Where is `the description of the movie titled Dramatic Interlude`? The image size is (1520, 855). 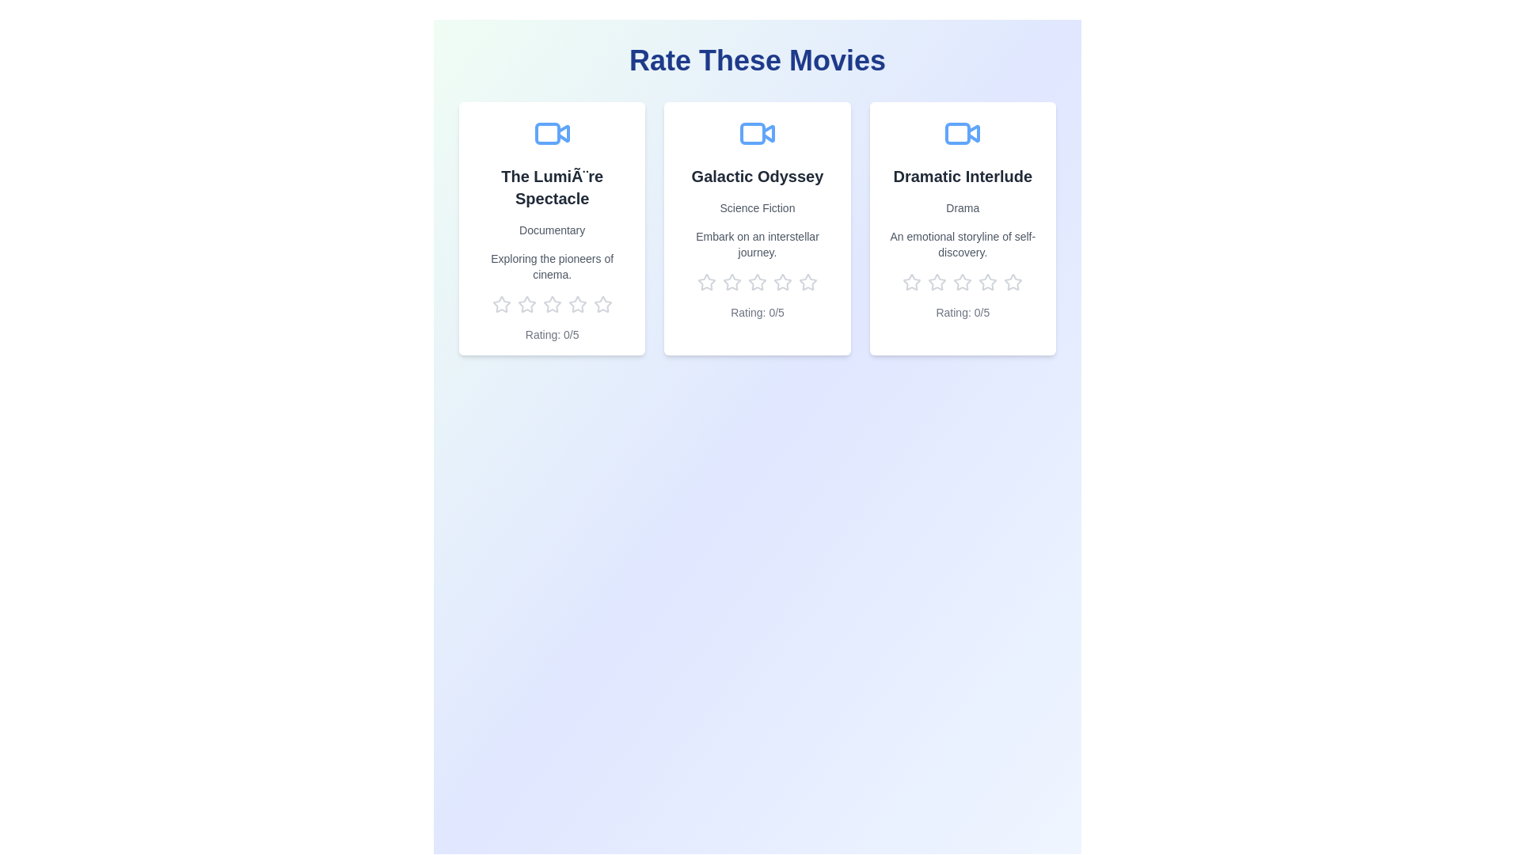
the description of the movie titled Dramatic Interlude is located at coordinates (961, 244).